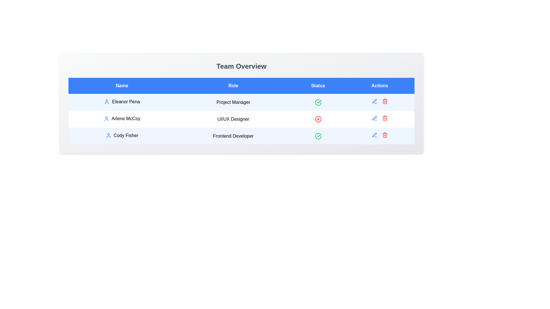 This screenshot has height=309, width=550. Describe the element at coordinates (318, 102) in the screenshot. I see `the success status icon in the 'Status' column of the third row, which corresponds to the 'Frontend Developer' entry` at that location.